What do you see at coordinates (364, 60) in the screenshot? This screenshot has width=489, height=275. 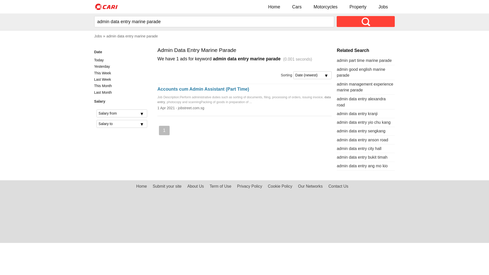 I see `'admin part time marine parade'` at bounding box center [364, 60].